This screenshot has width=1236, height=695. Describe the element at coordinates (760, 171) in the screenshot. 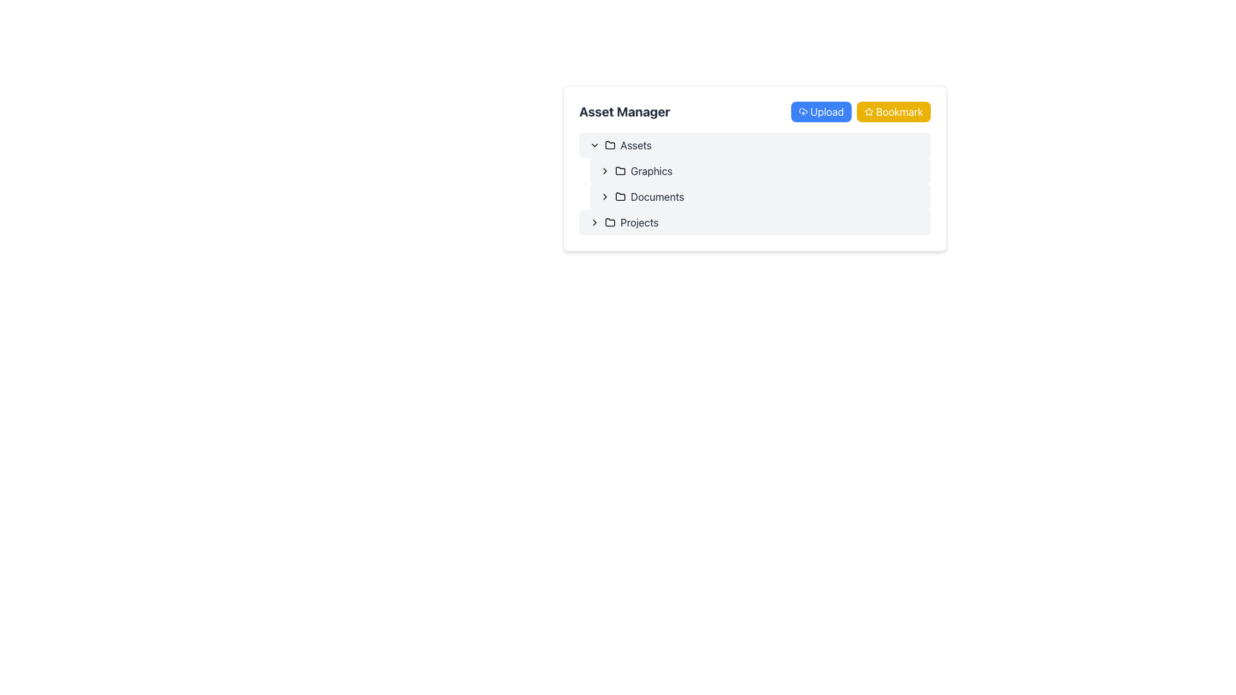

I see `the 'Graphics' list item in the 'Asset Manager'` at that location.